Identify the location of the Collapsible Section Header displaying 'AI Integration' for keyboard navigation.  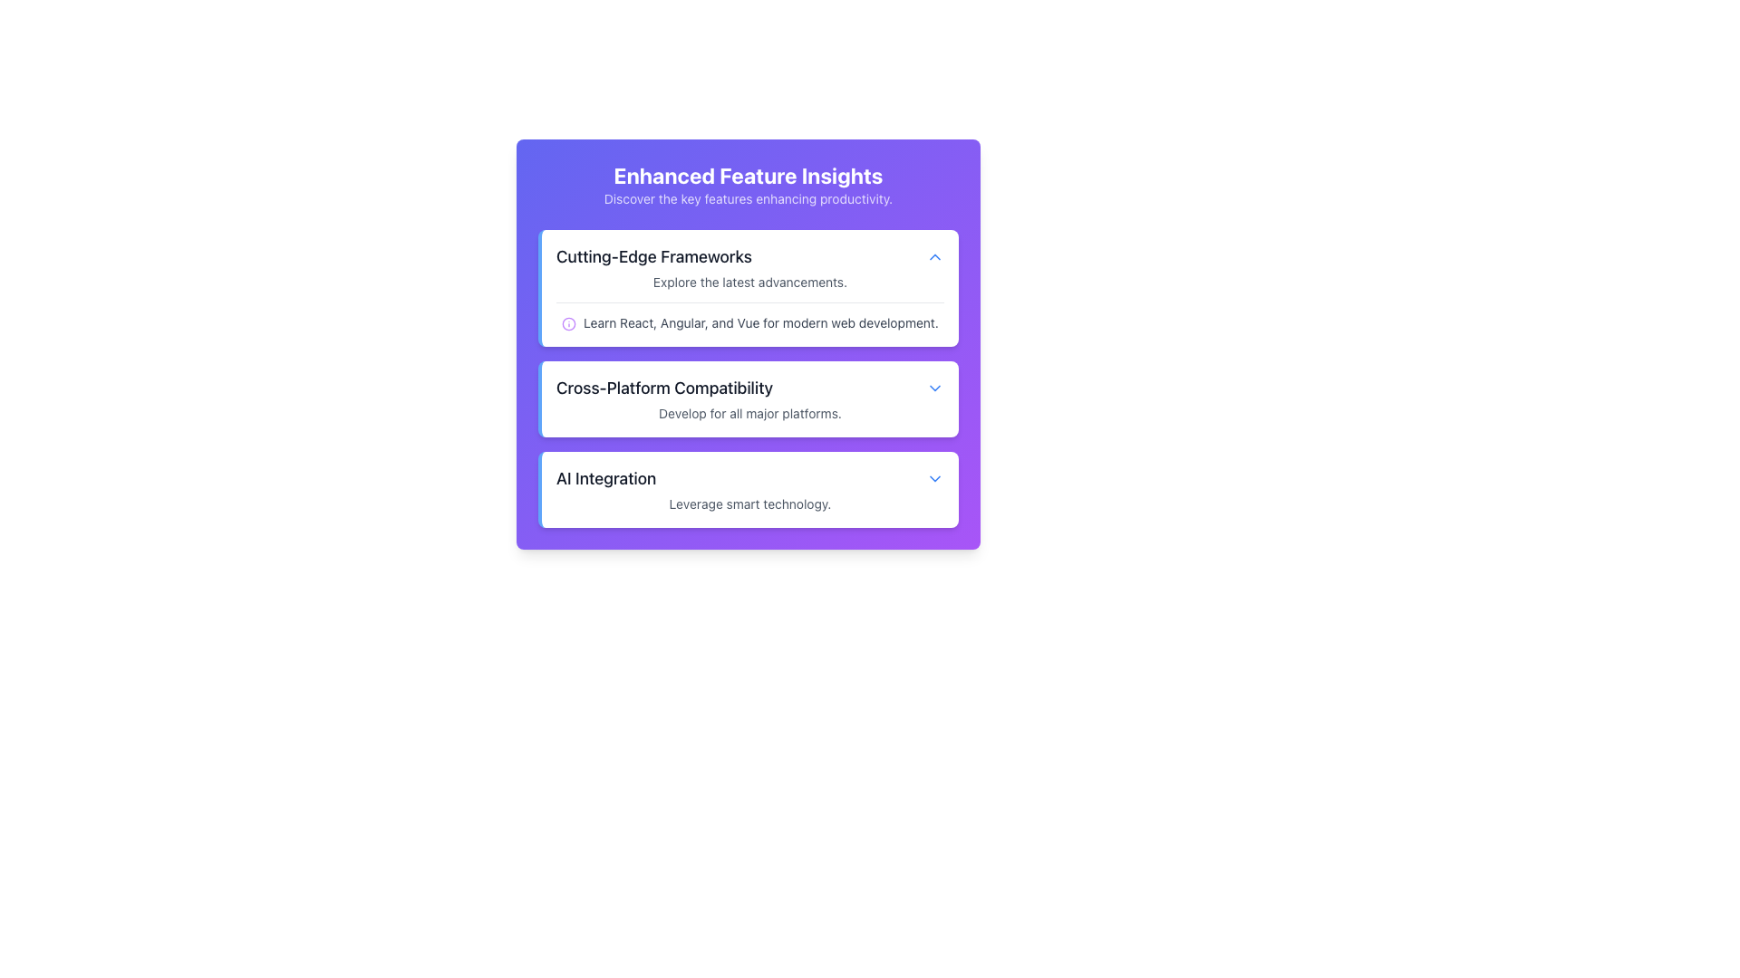
(750, 477).